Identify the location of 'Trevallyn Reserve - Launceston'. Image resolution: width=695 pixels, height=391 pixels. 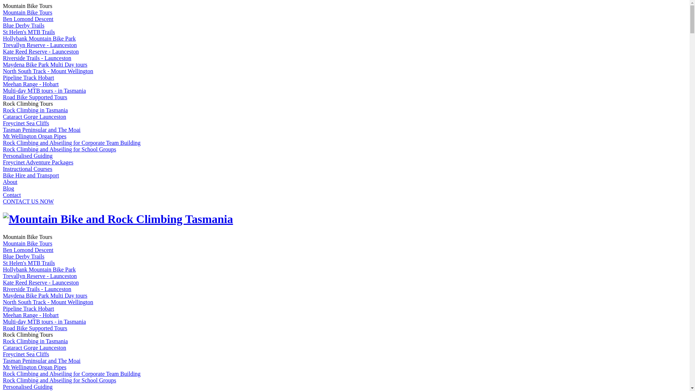
(3, 45).